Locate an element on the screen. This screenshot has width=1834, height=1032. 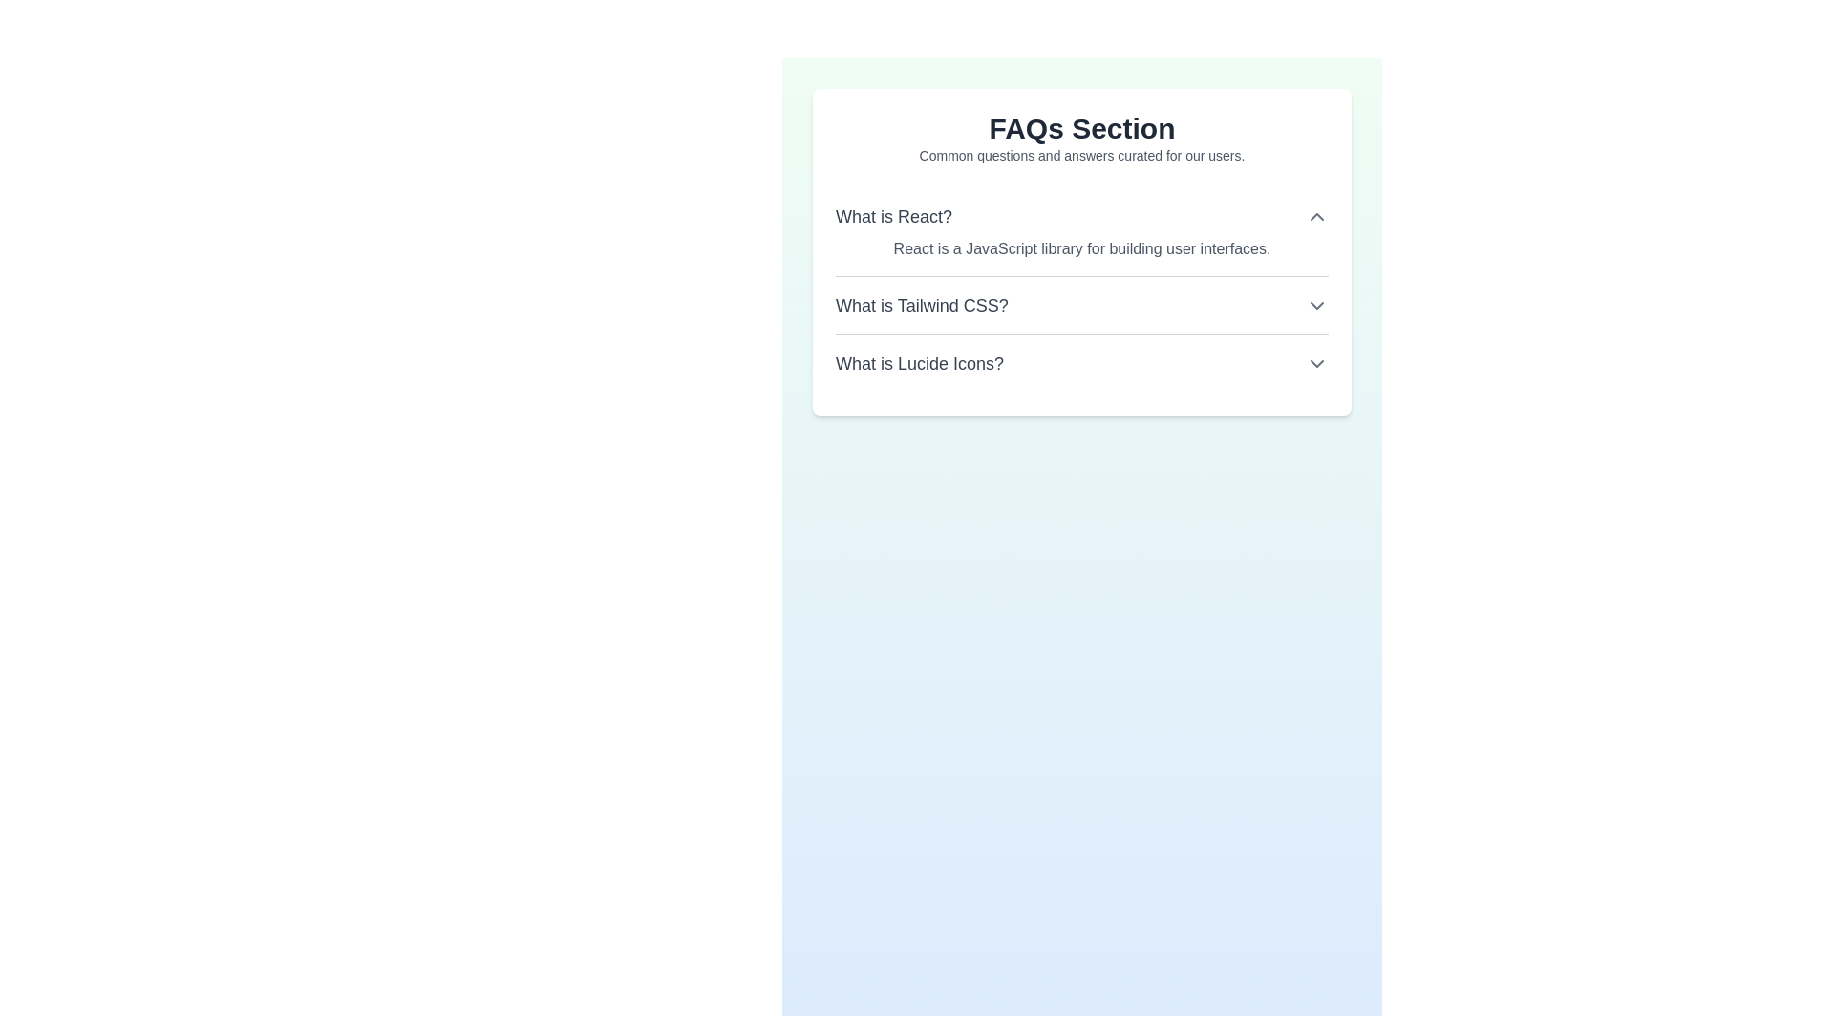
the upward-pointing chevron icon located to the right of the 'What is React?' question in the FAQs Section is located at coordinates (1315, 216).